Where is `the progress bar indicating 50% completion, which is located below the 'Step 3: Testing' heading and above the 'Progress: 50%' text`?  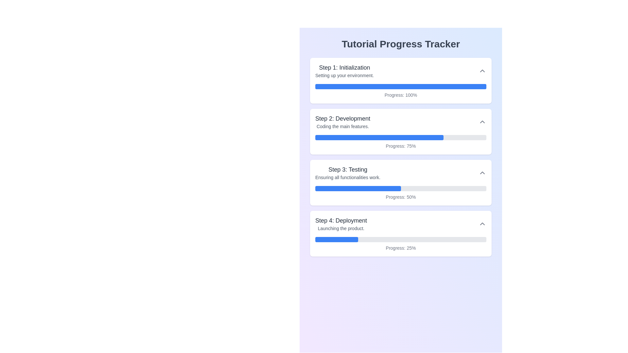 the progress bar indicating 50% completion, which is located below the 'Step 3: Testing' heading and above the 'Progress: 50%' text is located at coordinates (400, 189).